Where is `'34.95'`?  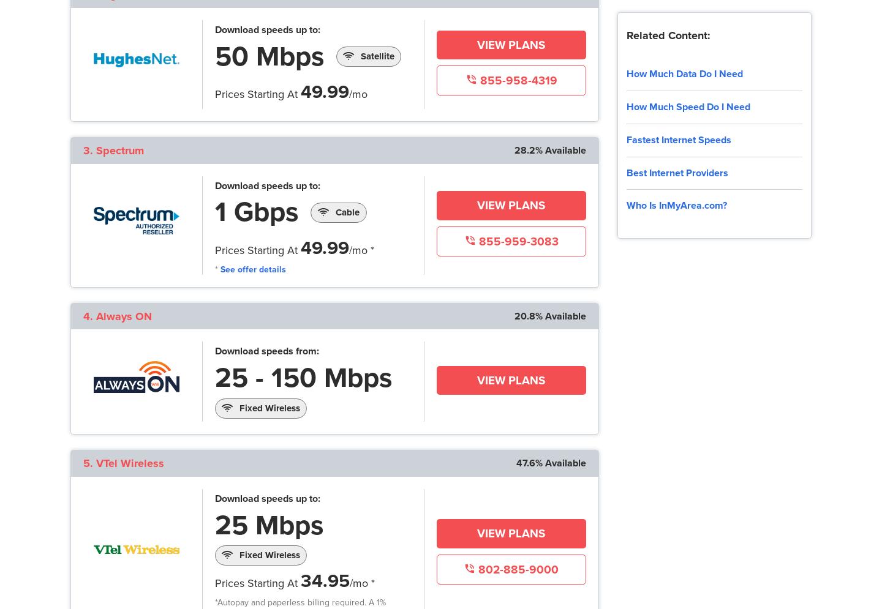
'34.95' is located at coordinates (325, 581).